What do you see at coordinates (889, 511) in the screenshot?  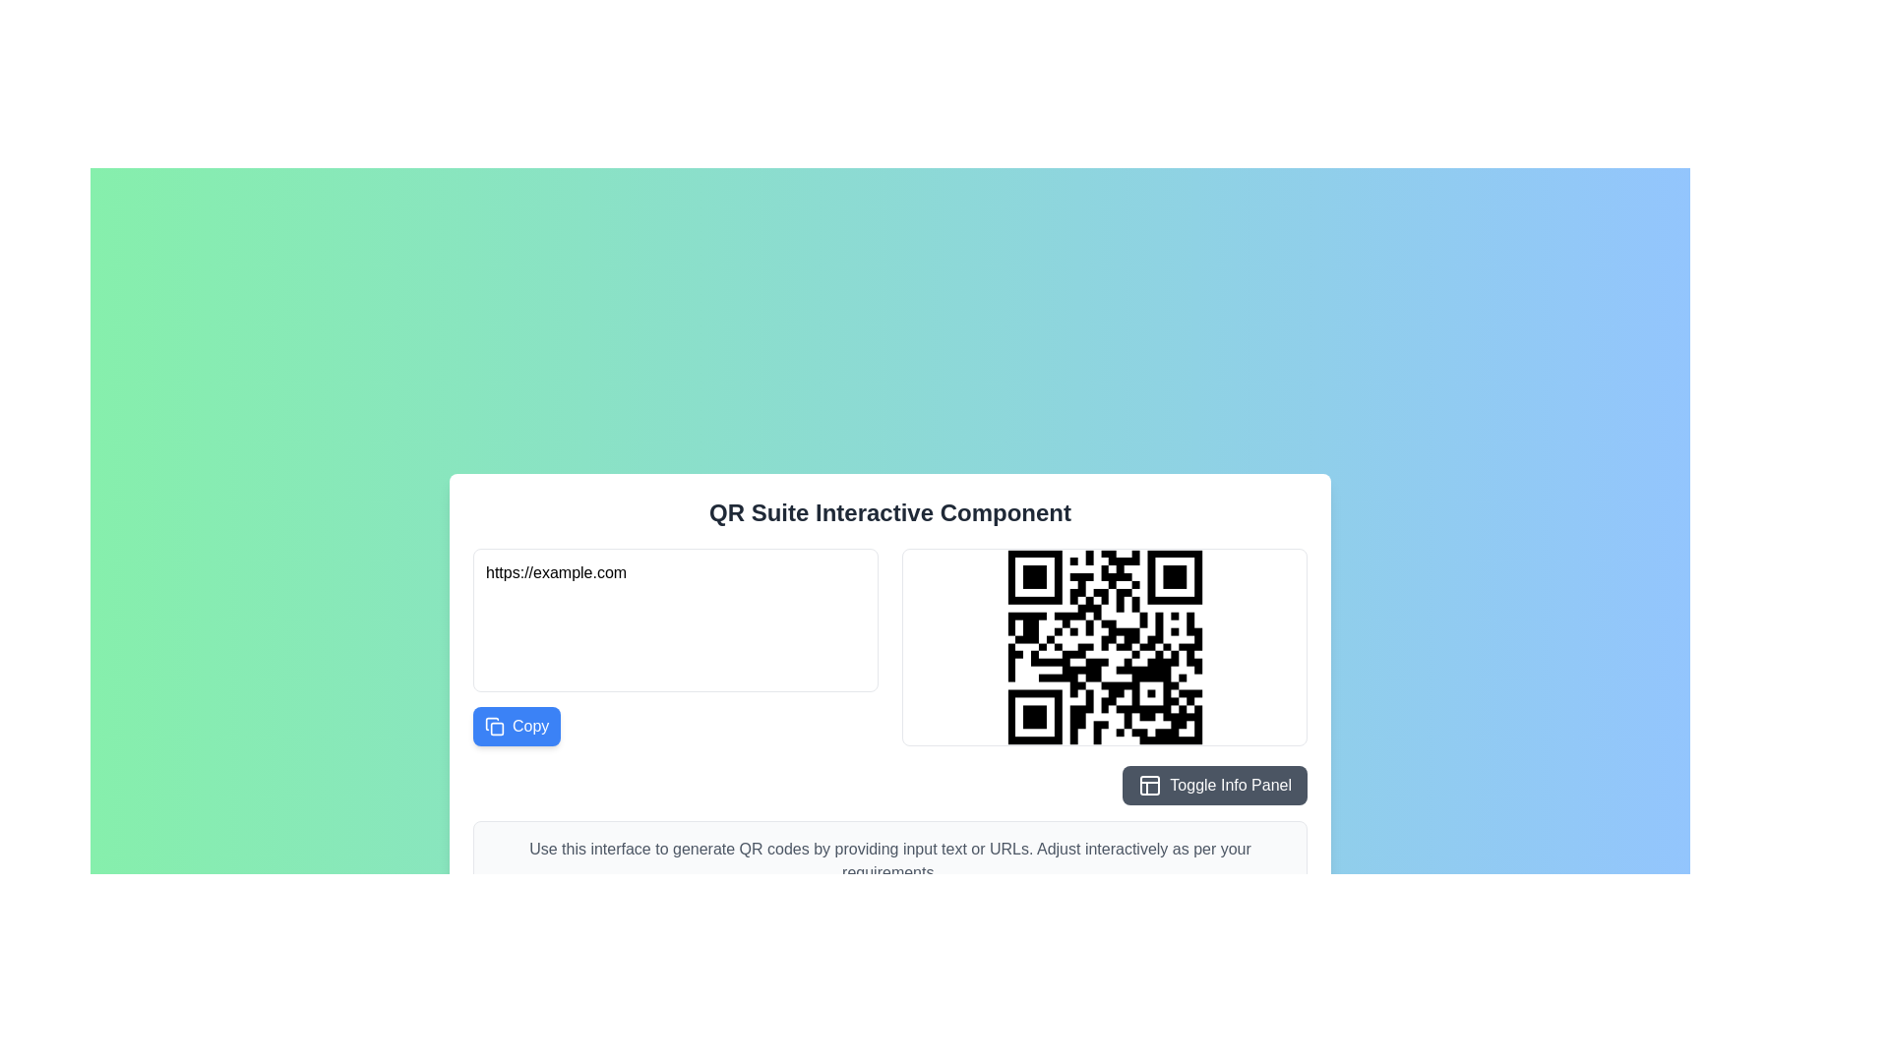 I see `the textual header labeled 'QR Suite Interactive Component', which is prominently displayed in a large and bold font at the top of a content box` at bounding box center [889, 511].